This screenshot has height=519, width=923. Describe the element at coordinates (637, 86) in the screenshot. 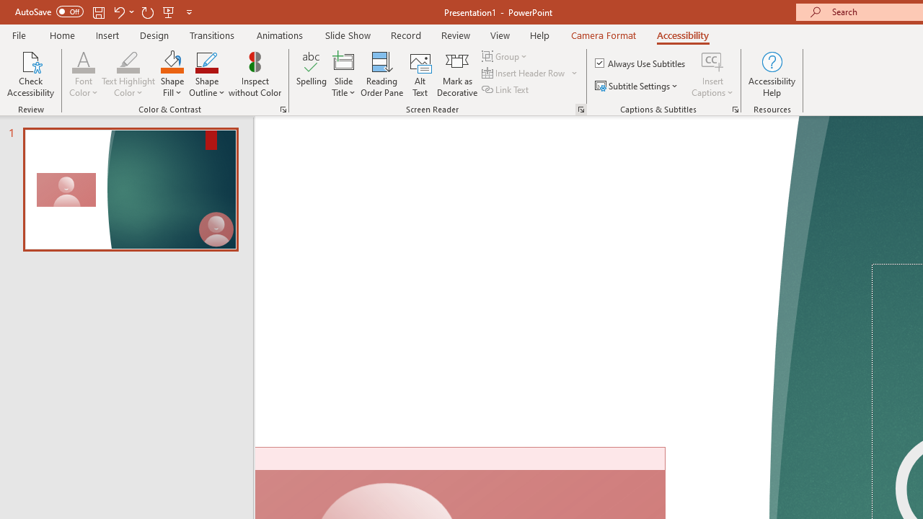

I see `'Subtitle Settings'` at that location.